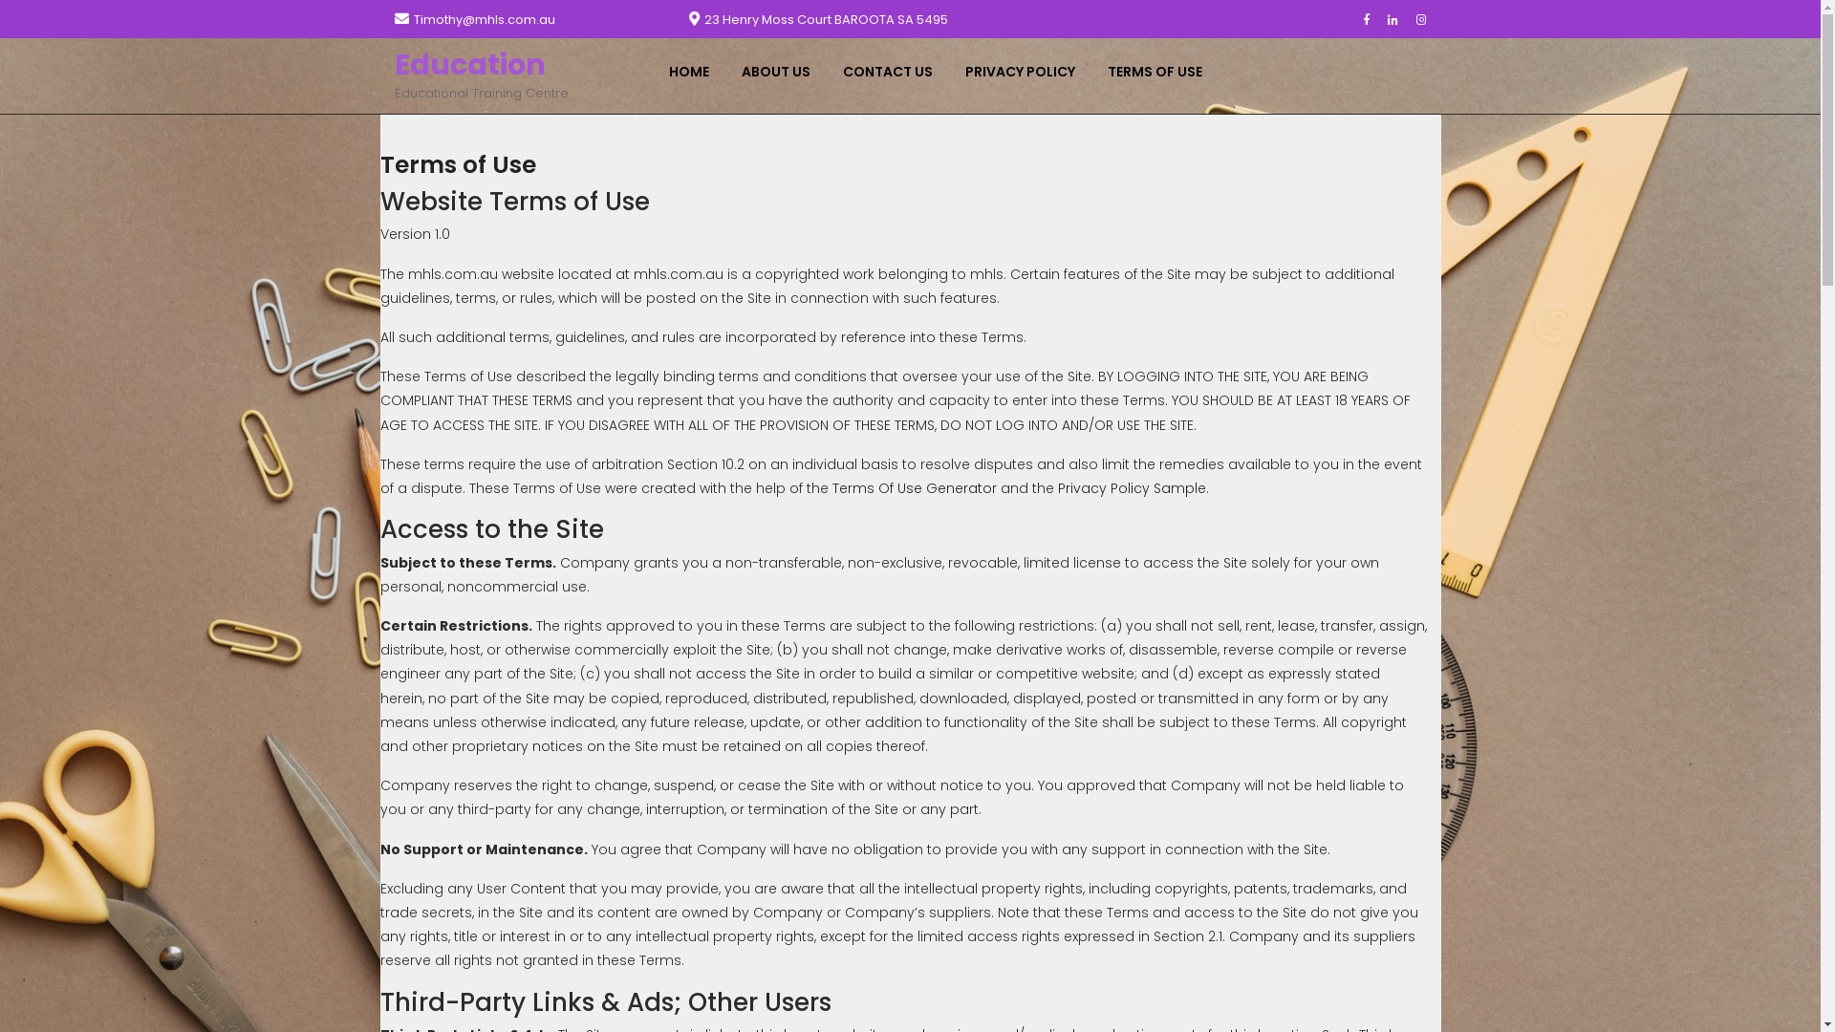 This screenshot has height=1032, width=1835. What do you see at coordinates (892, 71) in the screenshot?
I see `'CONTACT US'` at bounding box center [892, 71].